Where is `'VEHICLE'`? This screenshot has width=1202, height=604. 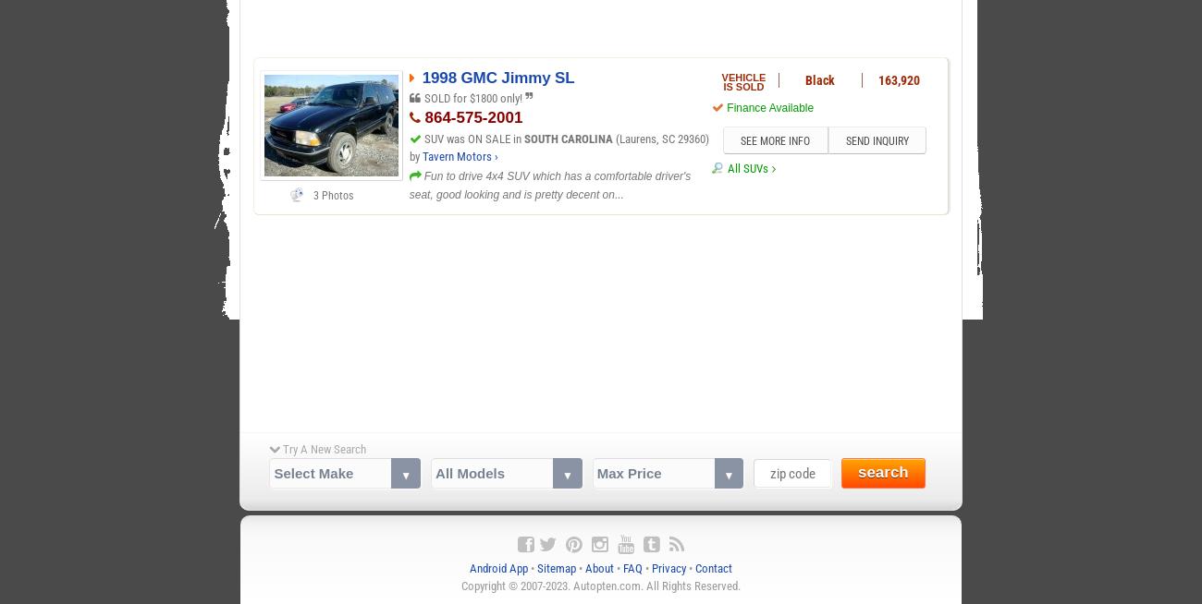
'VEHICLE' is located at coordinates (742, 76).